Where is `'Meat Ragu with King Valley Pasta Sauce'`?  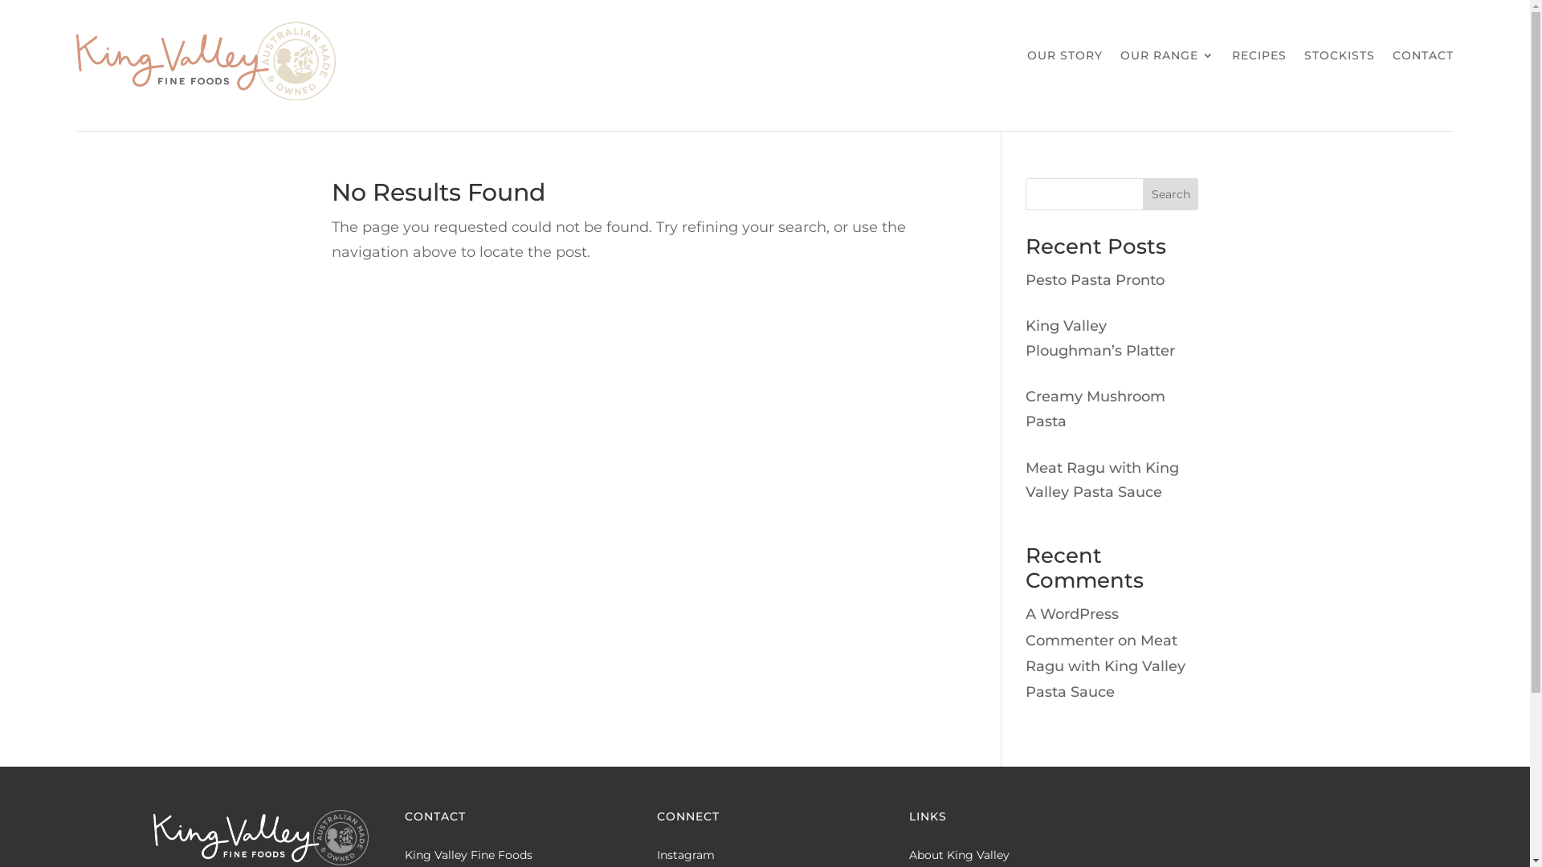 'Meat Ragu with King Valley Pasta Sauce' is located at coordinates (1104, 666).